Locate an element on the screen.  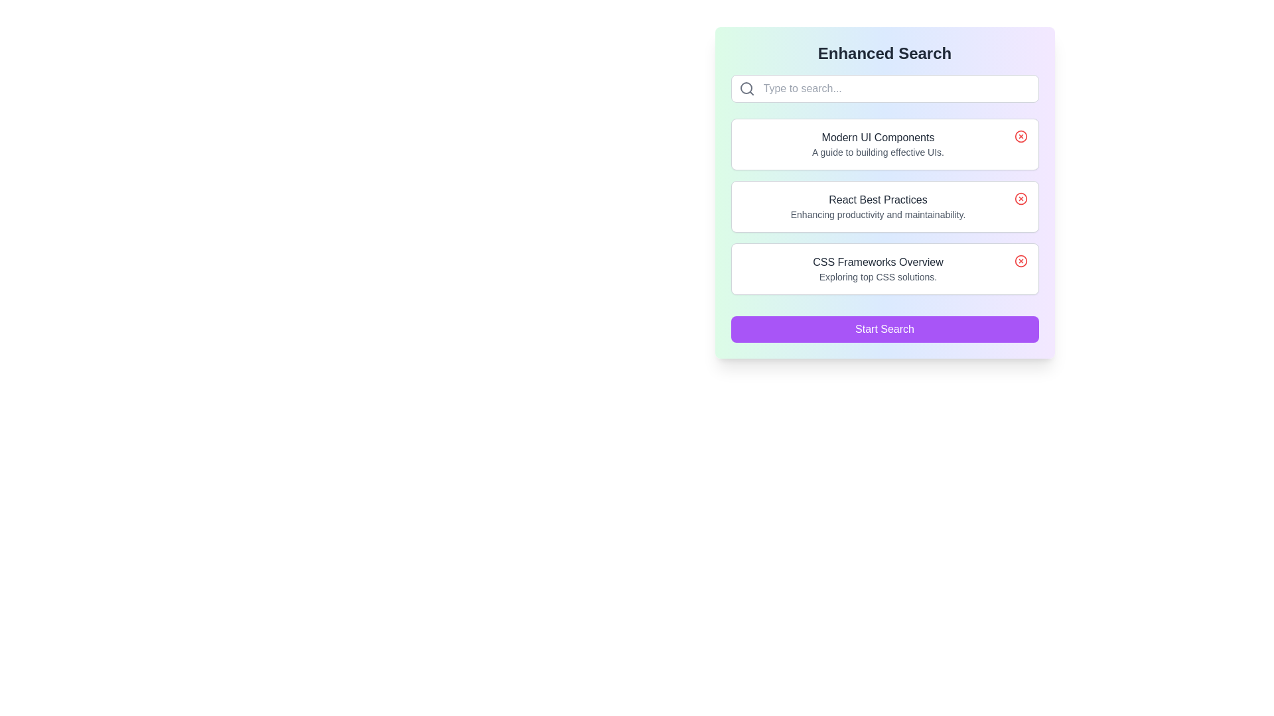
the red circular icon button with an 'X' symbol located at the far right edge of the topmost card titled 'Modern UI Components' is located at coordinates (1020, 136).